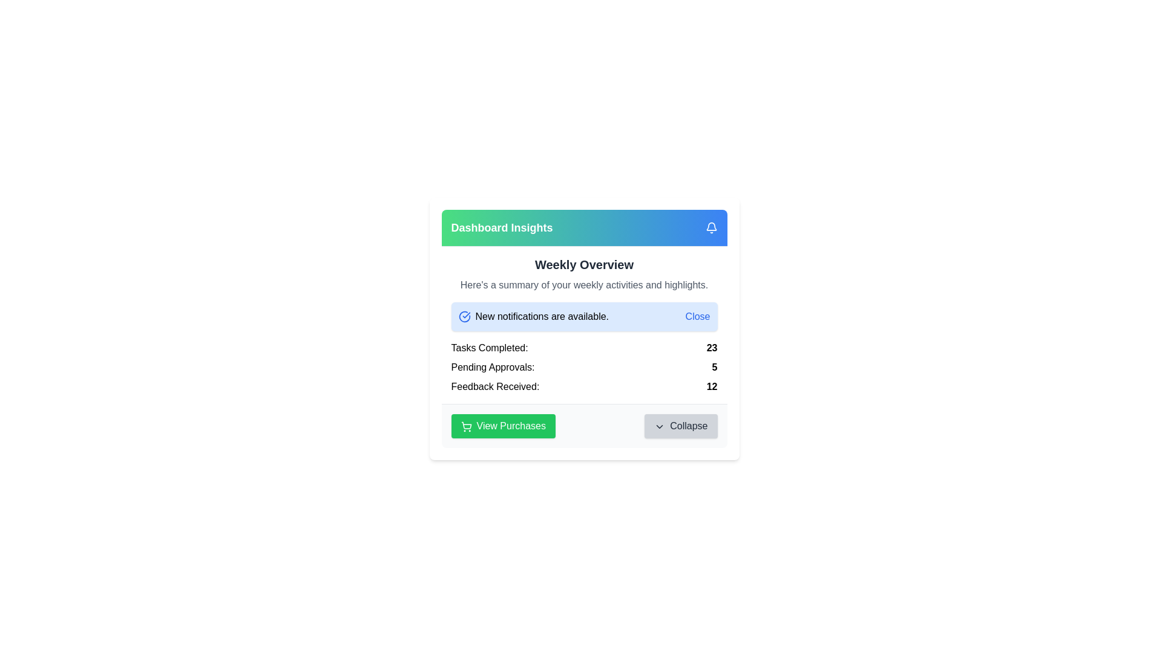 This screenshot has height=653, width=1162. What do you see at coordinates (584, 316) in the screenshot?
I see `the notification banner containing the message 'New notifications are available.' to read the notification` at bounding box center [584, 316].